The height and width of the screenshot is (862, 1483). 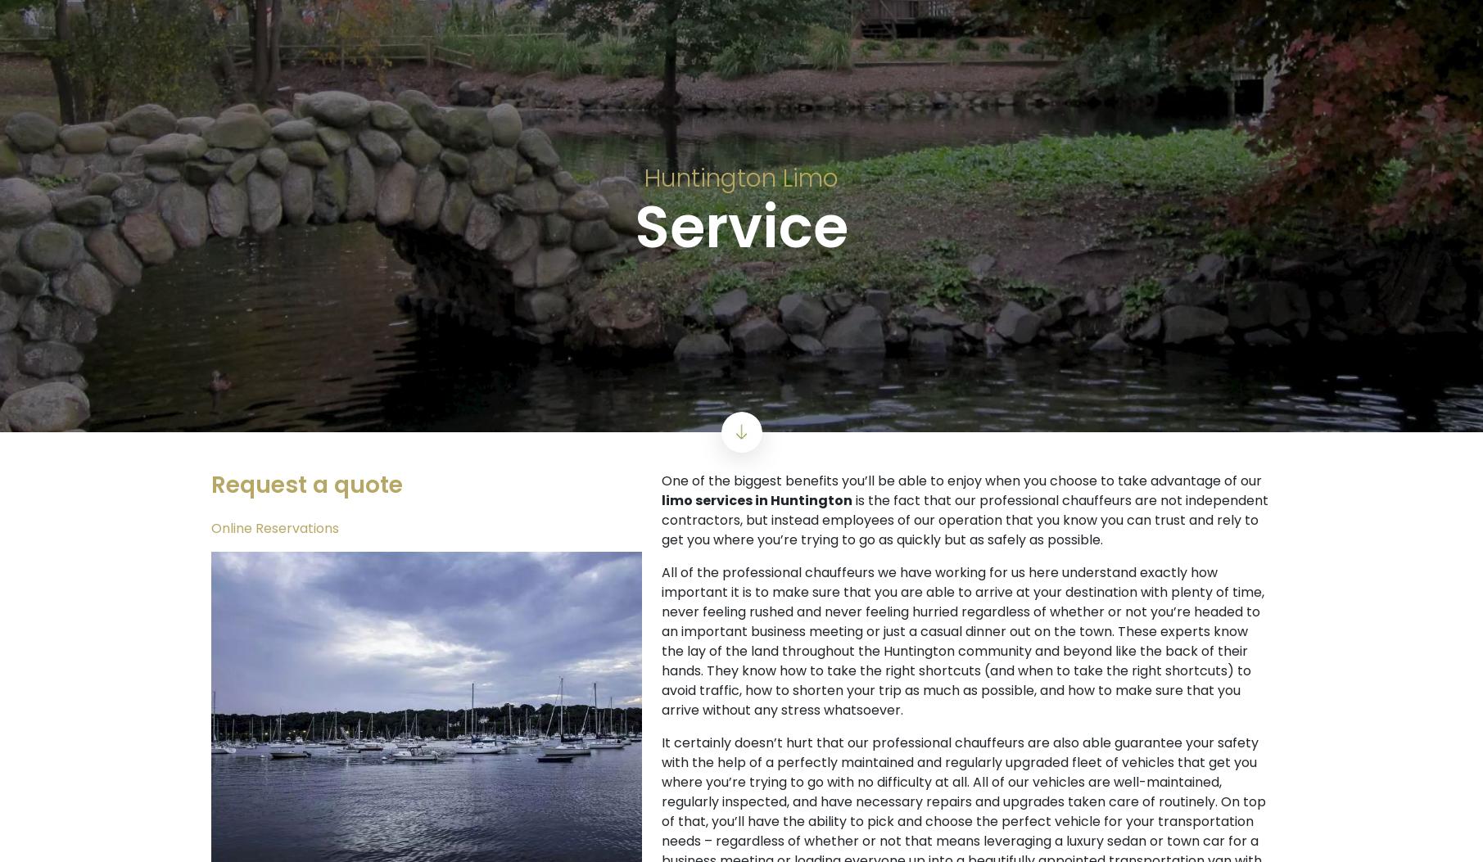 What do you see at coordinates (953, 110) in the screenshot?
I see `'are available 24/7, and you can reserve our professional chauffeurs a month, a week, or even just a handful of hours ahead of time. You are always in the driver’s seat as far as scheduling is concerned, while our professional chauffeurs handle the heavy lifting of getting you where you are headed!'` at bounding box center [953, 110].